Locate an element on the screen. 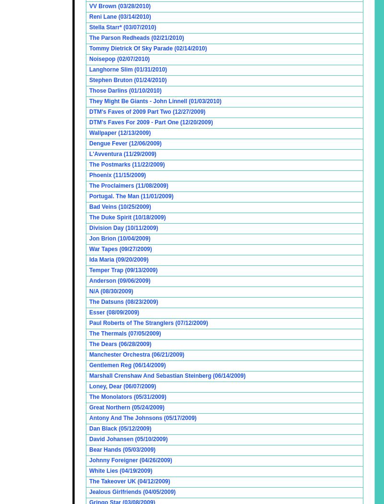 The height and width of the screenshot is (504, 384). 'The Dears (06/28/2009)' is located at coordinates (120, 344).